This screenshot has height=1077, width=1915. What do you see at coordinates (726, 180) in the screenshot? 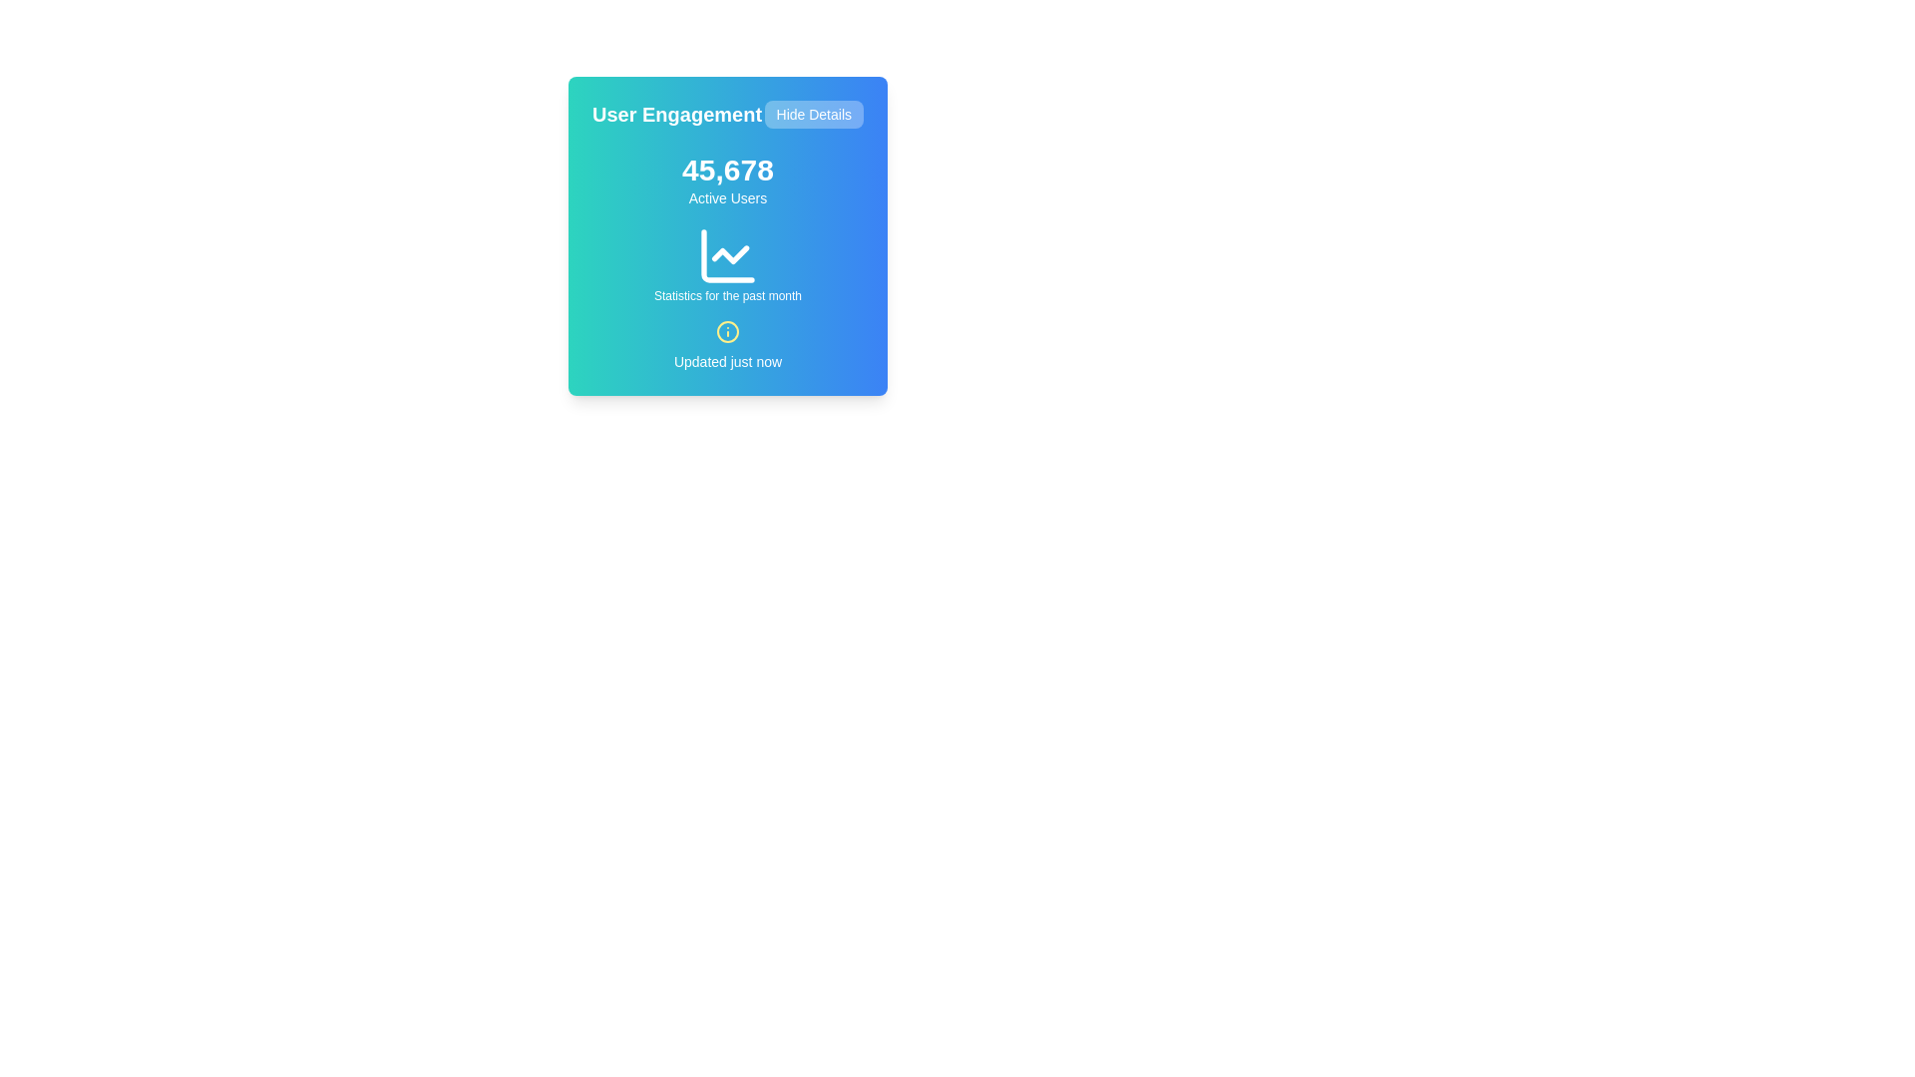
I see `the Text Display showing '45,678' Active Users within the User Engagement card, which is located at the top-center of the card beneath the title and 'Hide Details' button` at bounding box center [726, 180].